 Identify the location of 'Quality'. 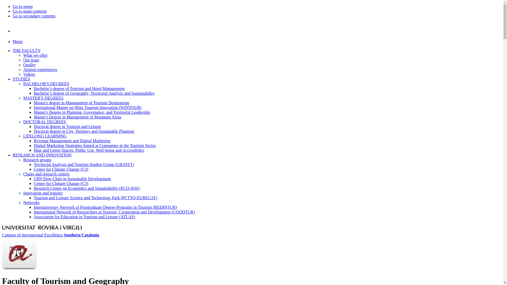
(29, 64).